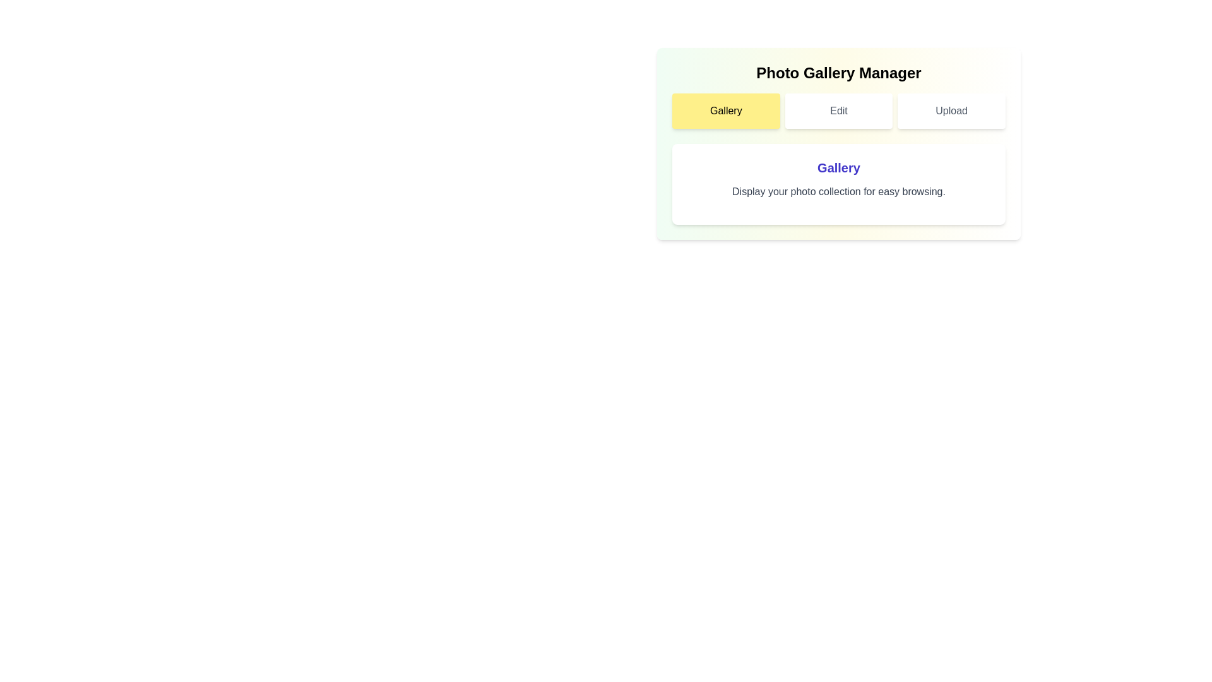  I want to click on the 'Gallery' button with a yellow background and bold black text, so click(726, 111).